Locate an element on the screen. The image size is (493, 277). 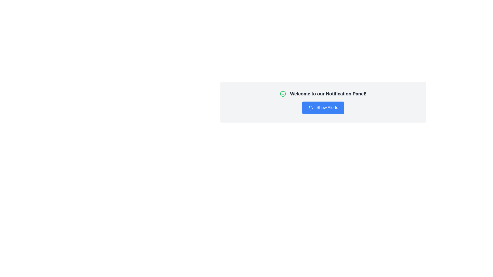
the bell icon located in the notification panel, which serves as a visual indicator for notifications or alerts is located at coordinates (310, 107).